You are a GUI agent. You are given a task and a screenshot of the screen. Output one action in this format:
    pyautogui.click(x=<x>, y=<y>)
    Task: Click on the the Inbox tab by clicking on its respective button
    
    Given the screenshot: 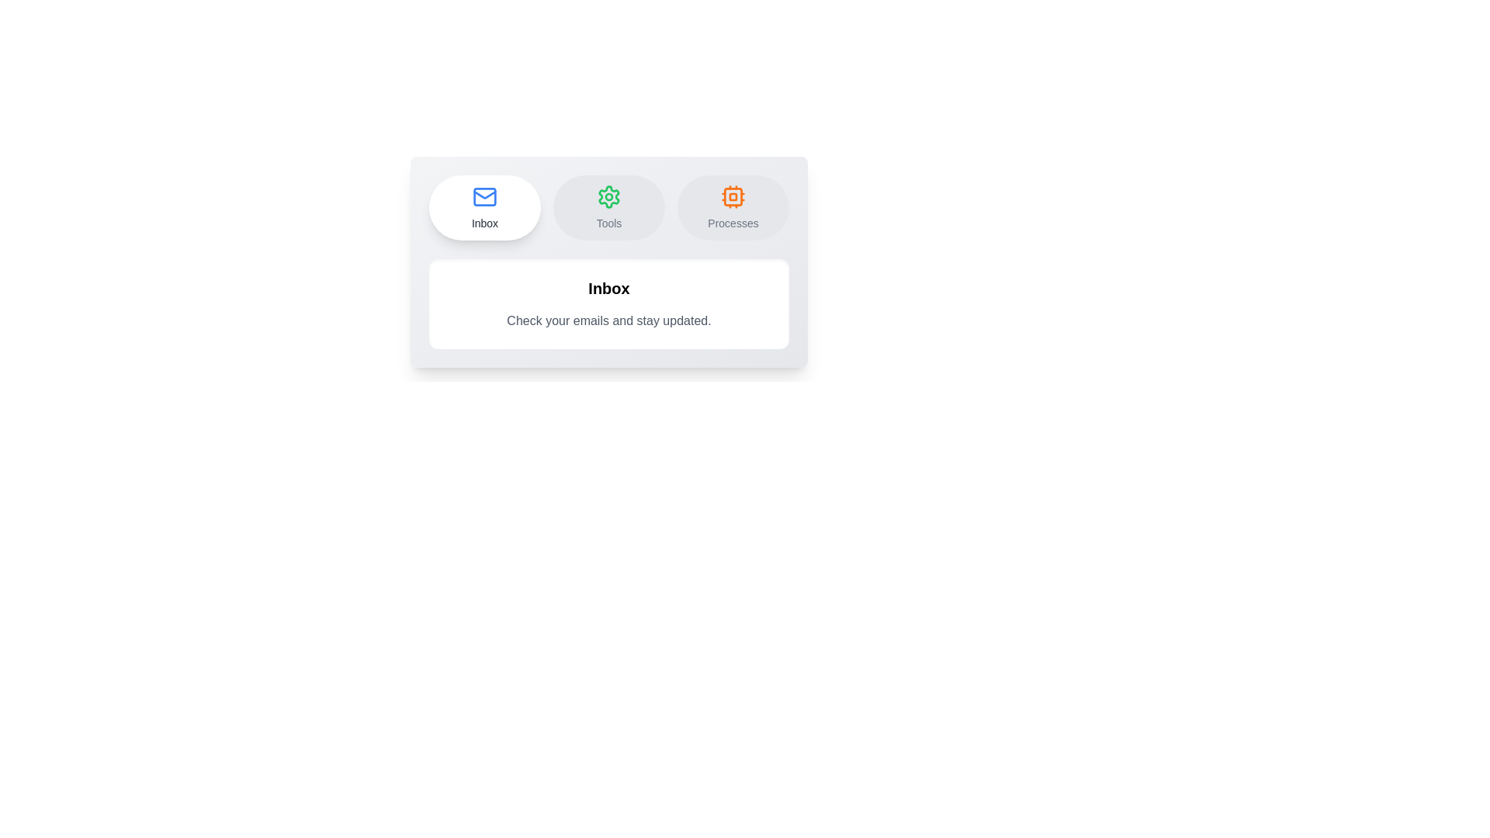 What is the action you would take?
    pyautogui.click(x=483, y=206)
    